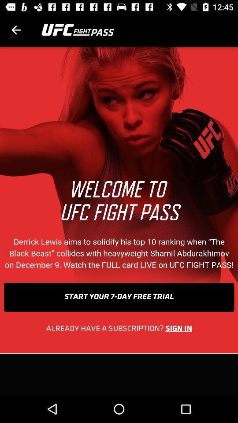 This screenshot has height=423, width=238. I want to click on pack page, so click(16, 30).